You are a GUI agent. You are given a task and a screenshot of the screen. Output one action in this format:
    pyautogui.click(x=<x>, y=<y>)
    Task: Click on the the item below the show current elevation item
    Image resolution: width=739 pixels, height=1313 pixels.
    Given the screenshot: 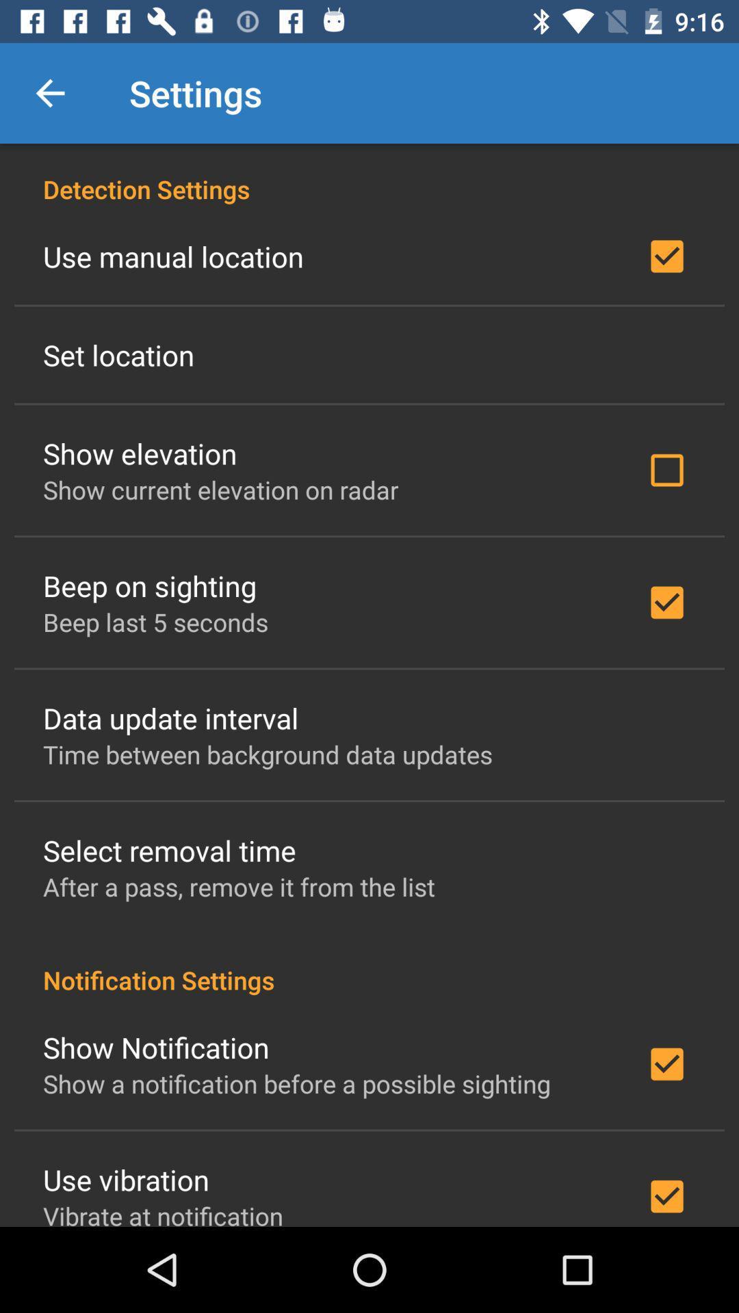 What is the action you would take?
    pyautogui.click(x=150, y=585)
    